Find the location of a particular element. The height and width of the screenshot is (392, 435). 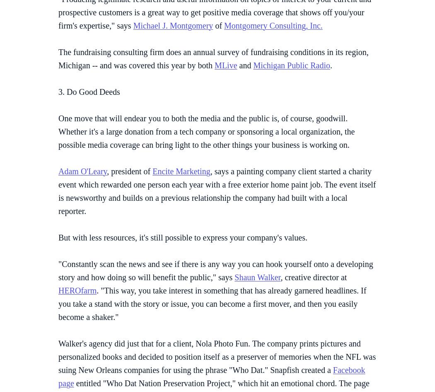

', says a painting company client started a charity event which rewarded one person each year with a free exterior home paint job. The event itself is newsworthy and builds on a previous relationship the company had built with a local reporter.' is located at coordinates (216, 190).